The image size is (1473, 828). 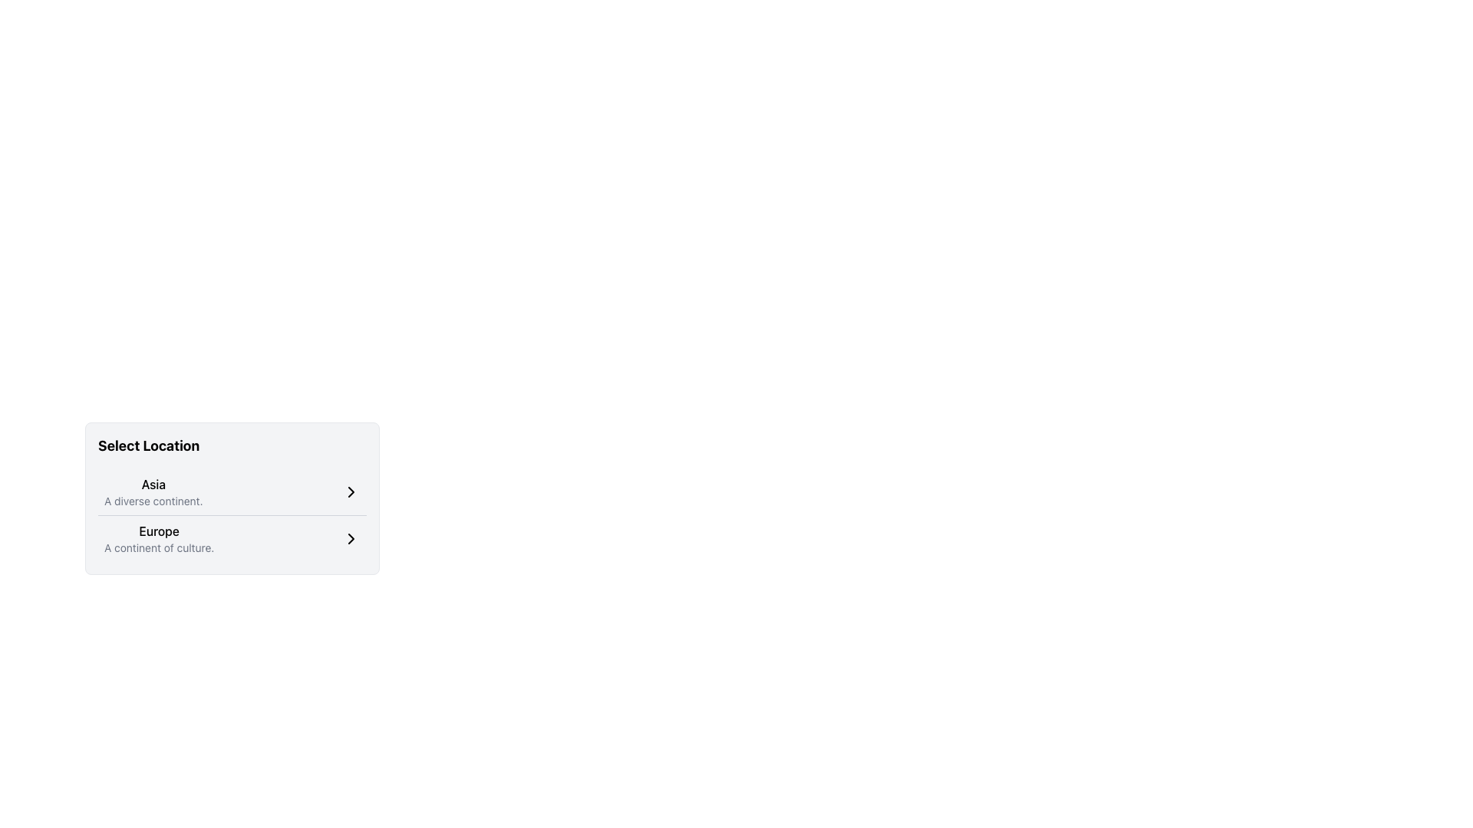 What do you see at coordinates (153, 485) in the screenshot?
I see `the 'Asia' text label, which is the first selectable menu item under the 'Select Location' title` at bounding box center [153, 485].